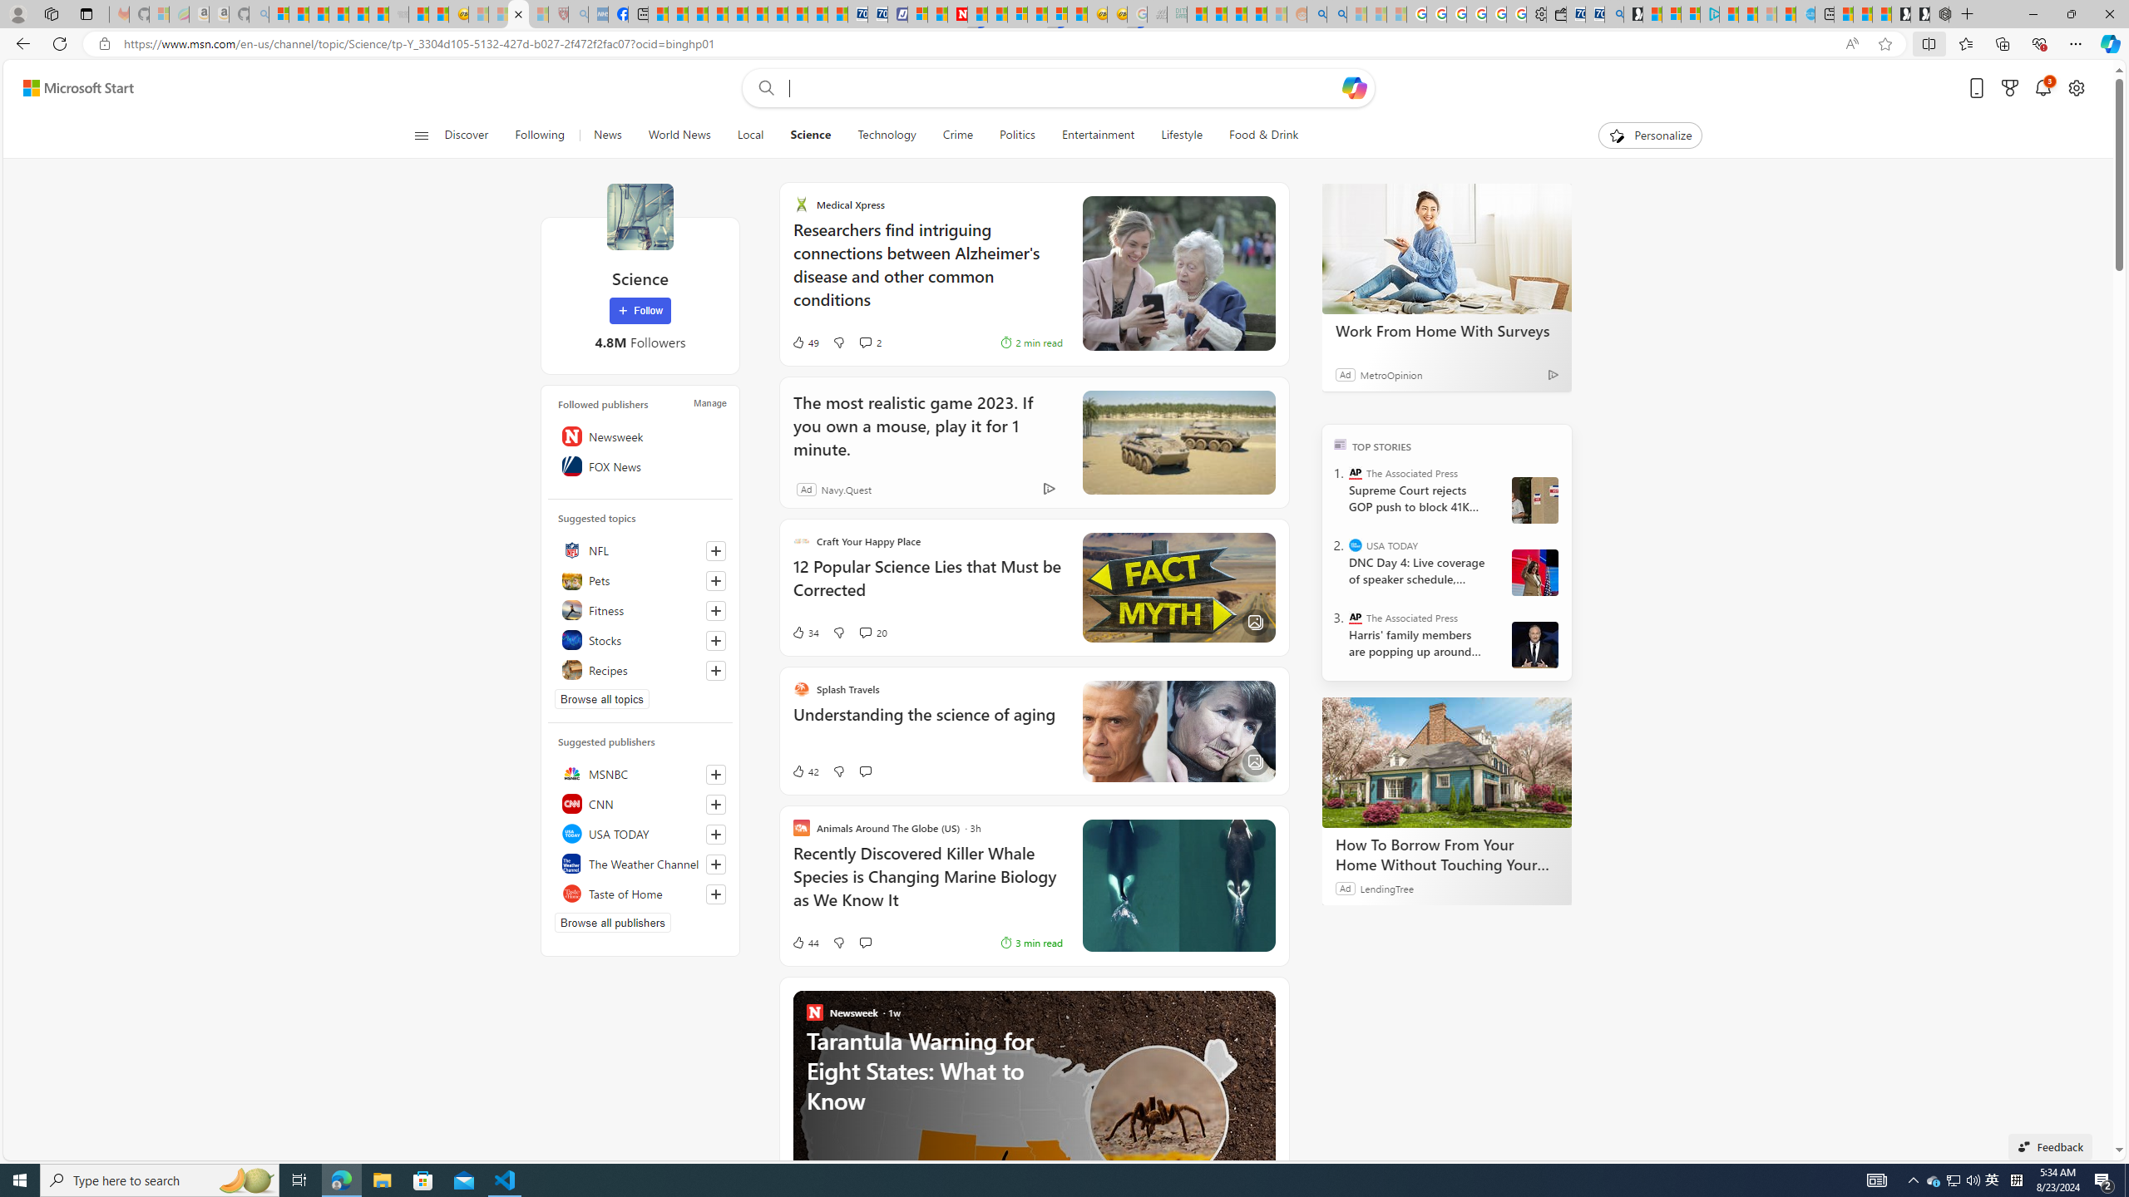 The width and height of the screenshot is (2129, 1197). Describe the element at coordinates (698, 13) in the screenshot. I see `'World - MSN'` at that location.